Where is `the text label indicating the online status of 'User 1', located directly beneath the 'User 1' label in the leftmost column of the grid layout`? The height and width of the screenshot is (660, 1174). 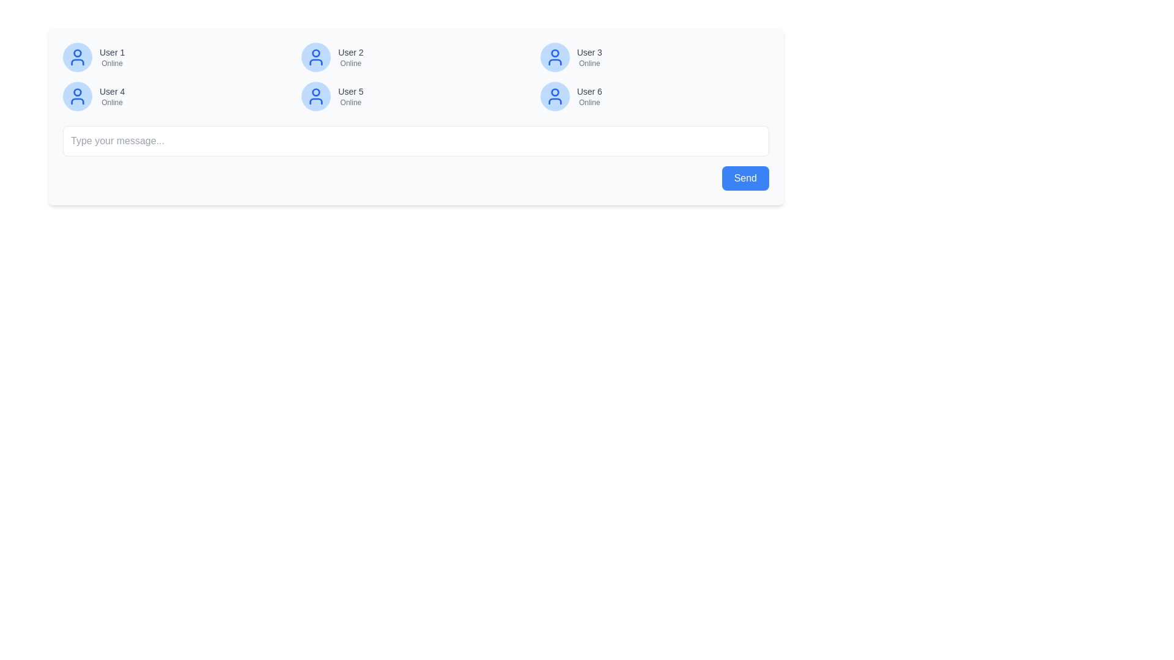 the text label indicating the online status of 'User 1', located directly beneath the 'User 1' label in the leftmost column of the grid layout is located at coordinates (112, 64).